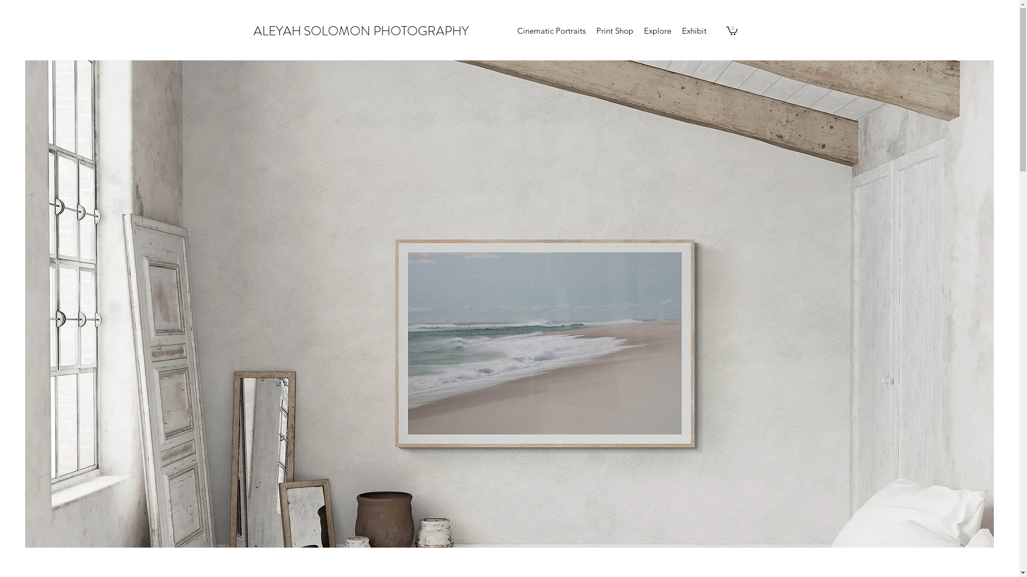 The height and width of the screenshot is (577, 1027). I want to click on 'Exhibit', so click(694, 30).